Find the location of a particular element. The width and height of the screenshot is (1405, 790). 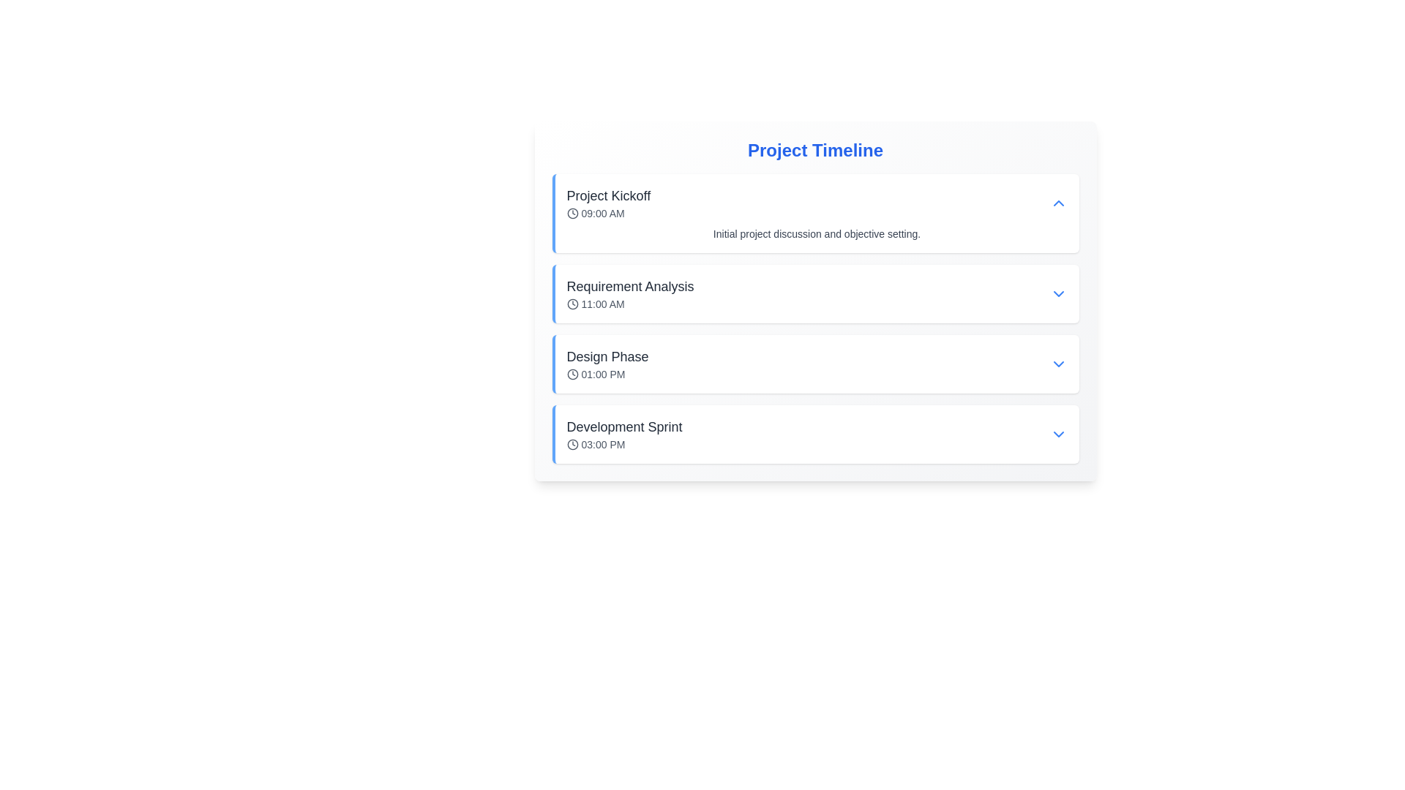

the dropdown of the fourth entry in the Project Timeline titled 'Development Sprint' is located at coordinates (816, 434).